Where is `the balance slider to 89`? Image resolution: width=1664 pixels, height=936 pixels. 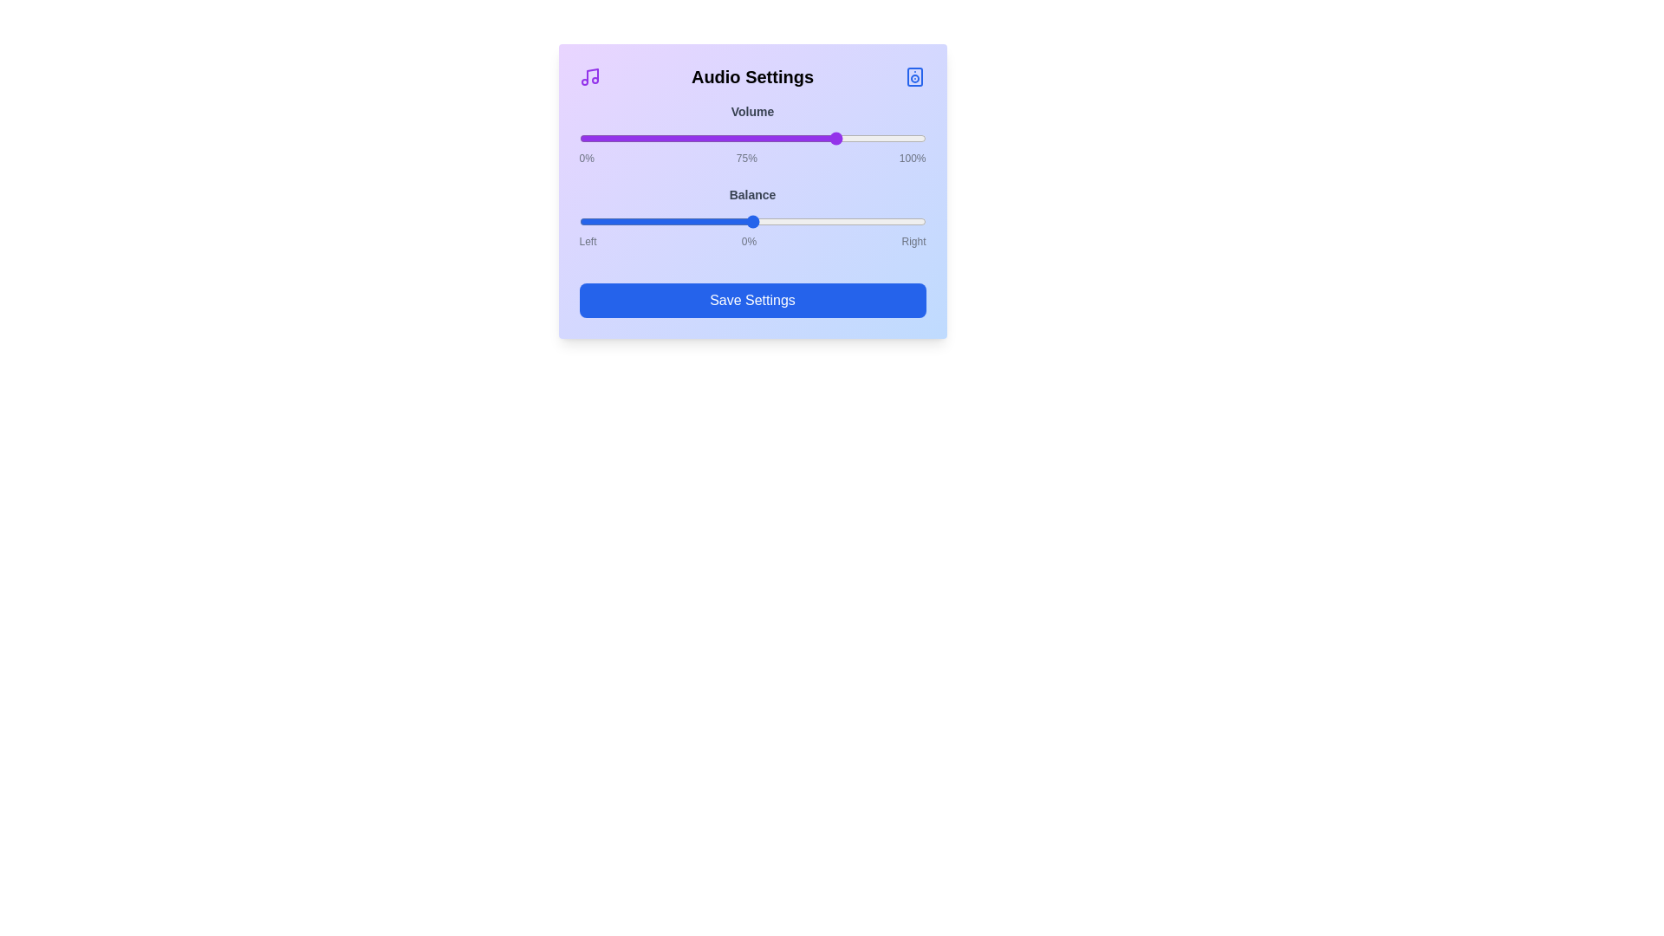 the balance slider to 89 is located at coordinates (906, 220).